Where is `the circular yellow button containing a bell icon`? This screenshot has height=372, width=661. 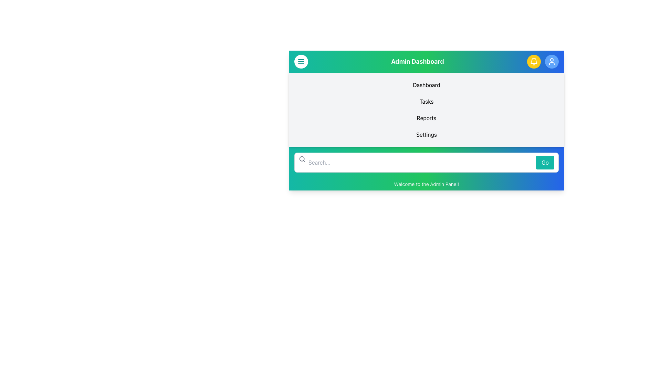
the circular yellow button containing a bell icon is located at coordinates (533, 61).